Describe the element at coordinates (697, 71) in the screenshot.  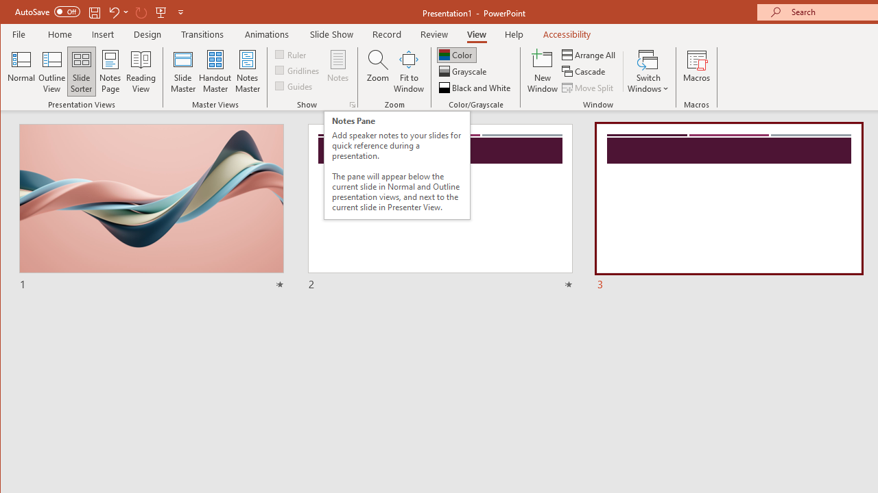
I see `'Macros'` at that location.